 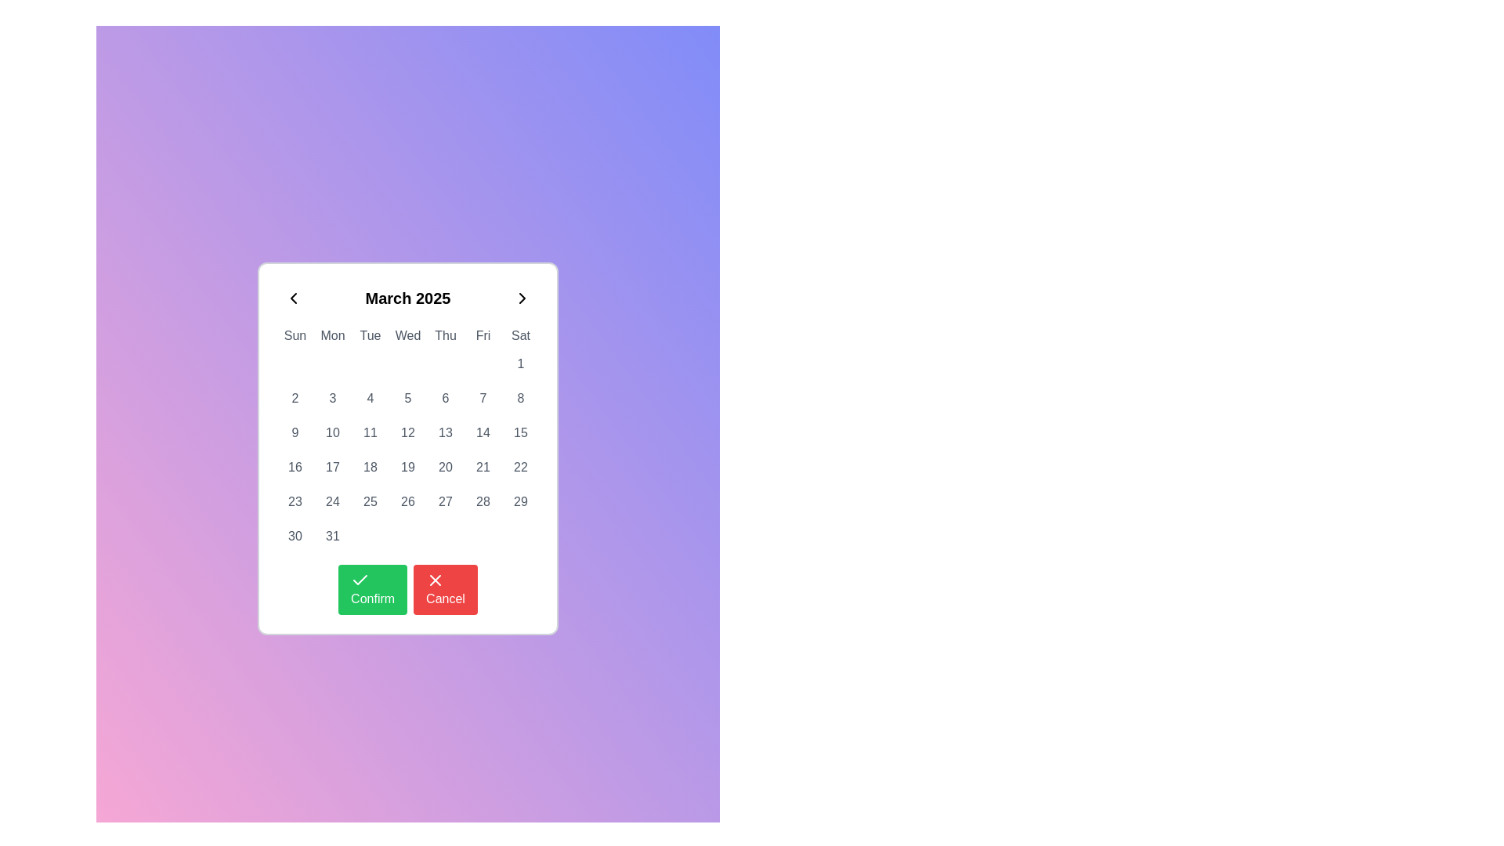 What do you see at coordinates (408, 501) in the screenshot?
I see `the button displaying the number '26' in the calendar grid under 'Fri'` at bounding box center [408, 501].